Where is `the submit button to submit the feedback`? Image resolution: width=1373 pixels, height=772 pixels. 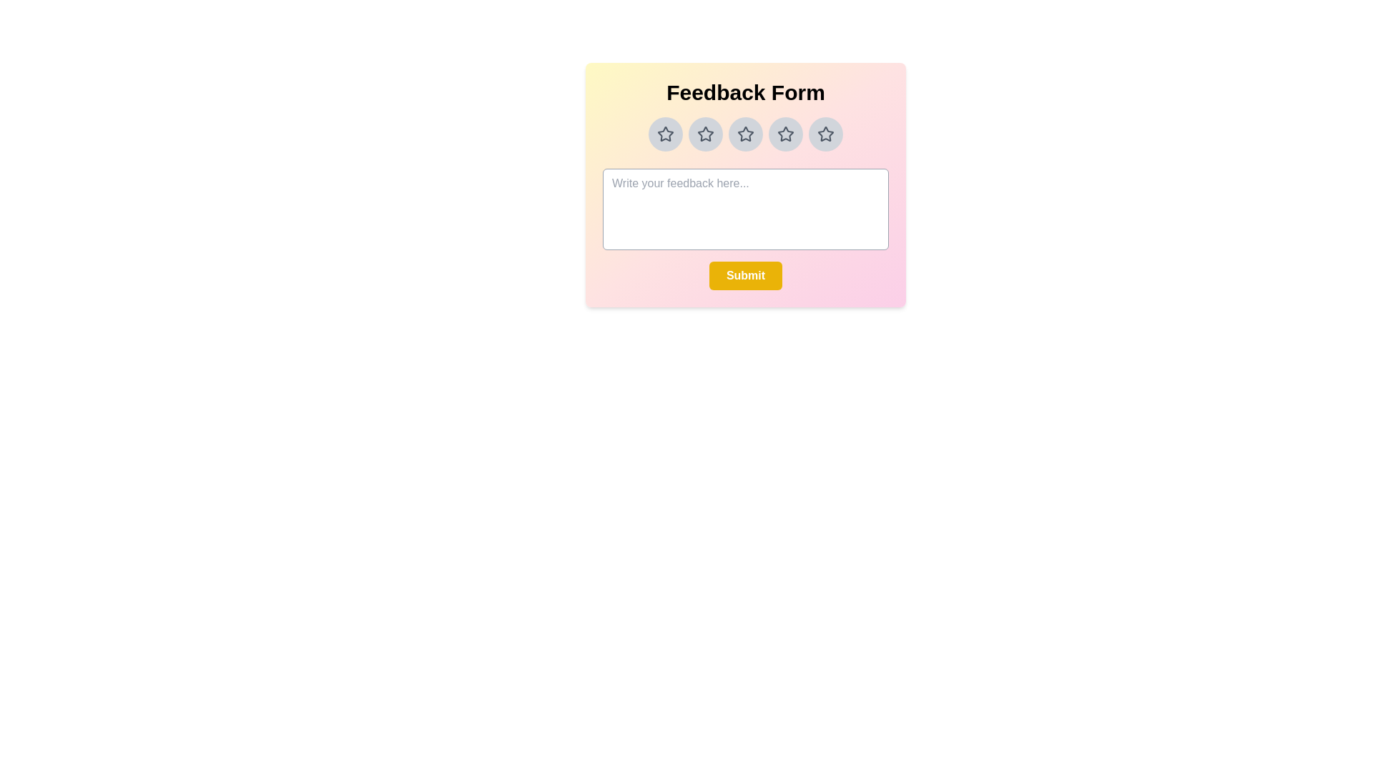 the submit button to submit the feedback is located at coordinates (744, 275).